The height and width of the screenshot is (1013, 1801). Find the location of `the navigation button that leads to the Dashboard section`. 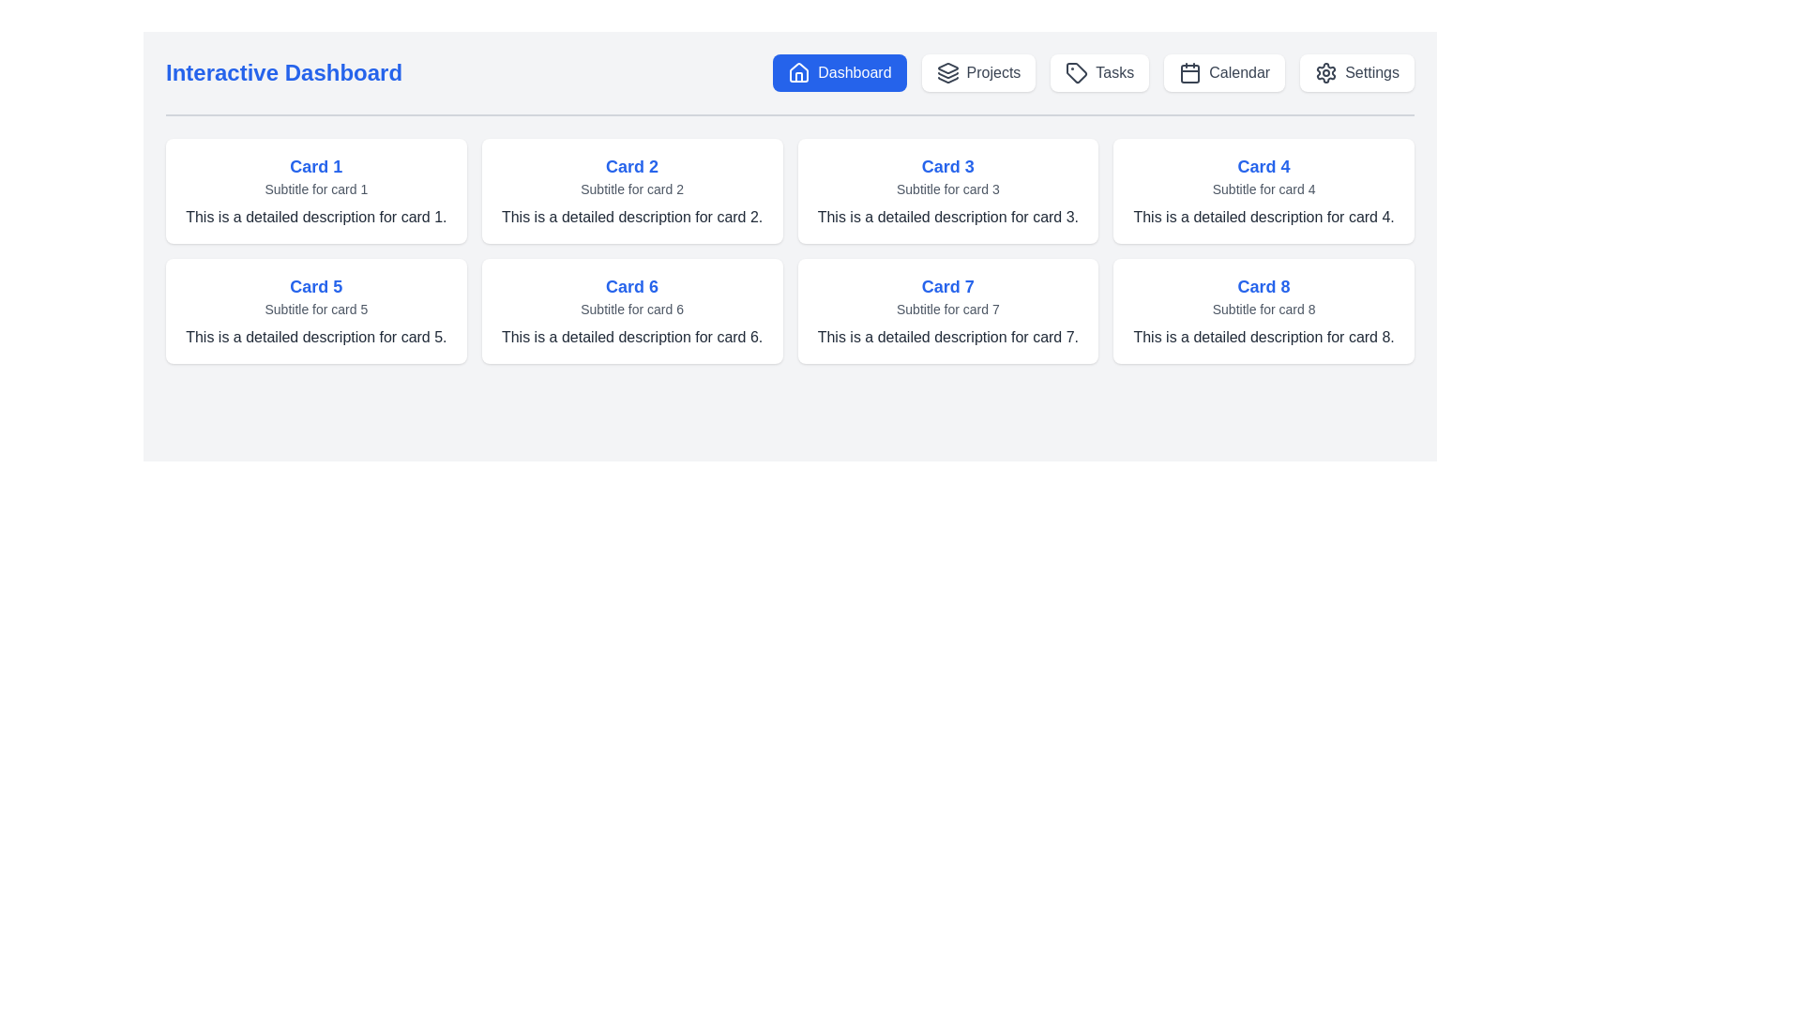

the navigation button that leads to the Dashboard section is located at coordinates (839, 71).